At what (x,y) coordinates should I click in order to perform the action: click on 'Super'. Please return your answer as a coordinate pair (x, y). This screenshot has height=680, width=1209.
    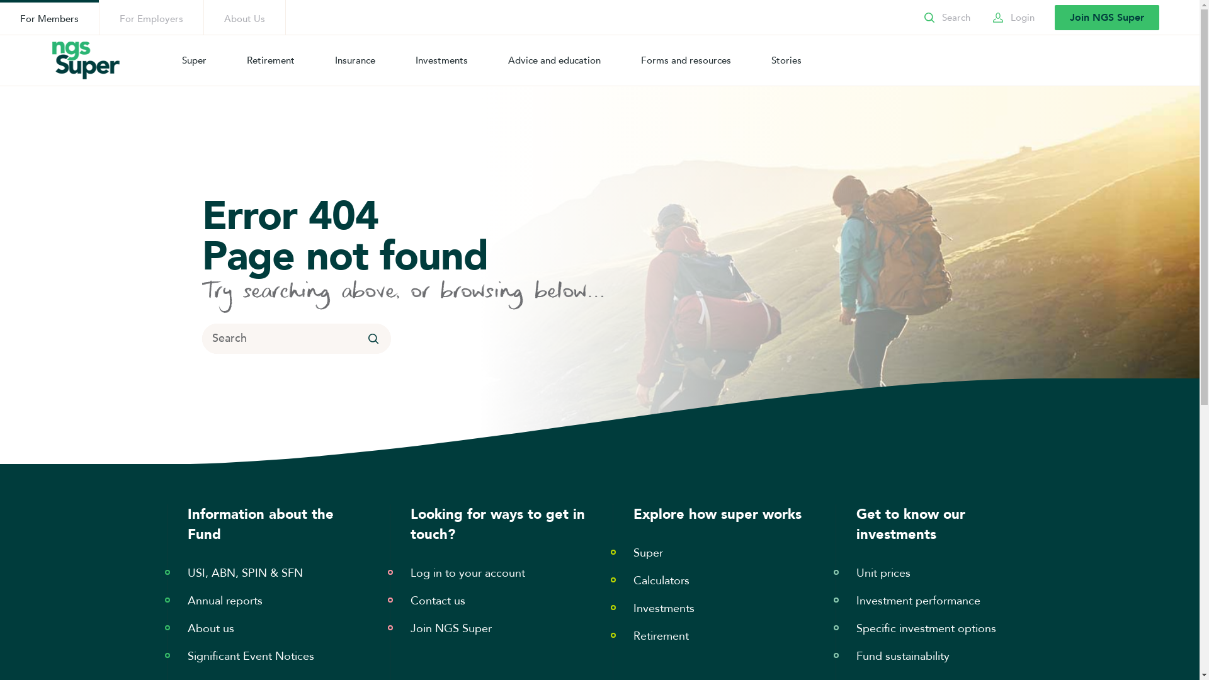
    Looking at the image, I should click on (193, 60).